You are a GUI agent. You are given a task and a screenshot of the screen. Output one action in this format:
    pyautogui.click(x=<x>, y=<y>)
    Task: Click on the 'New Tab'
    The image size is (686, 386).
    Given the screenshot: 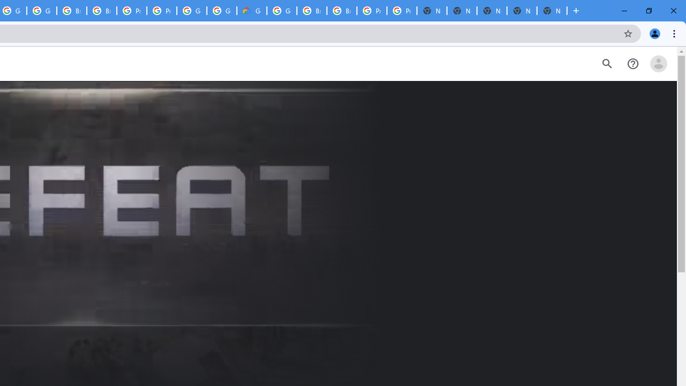 What is the action you would take?
    pyautogui.click(x=552, y=11)
    